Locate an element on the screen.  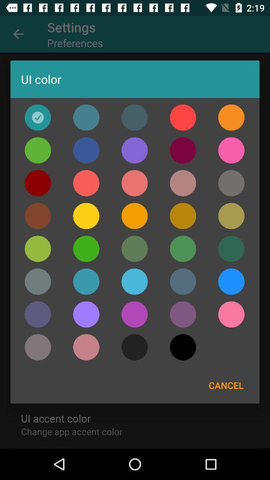
color is located at coordinates (37, 117).